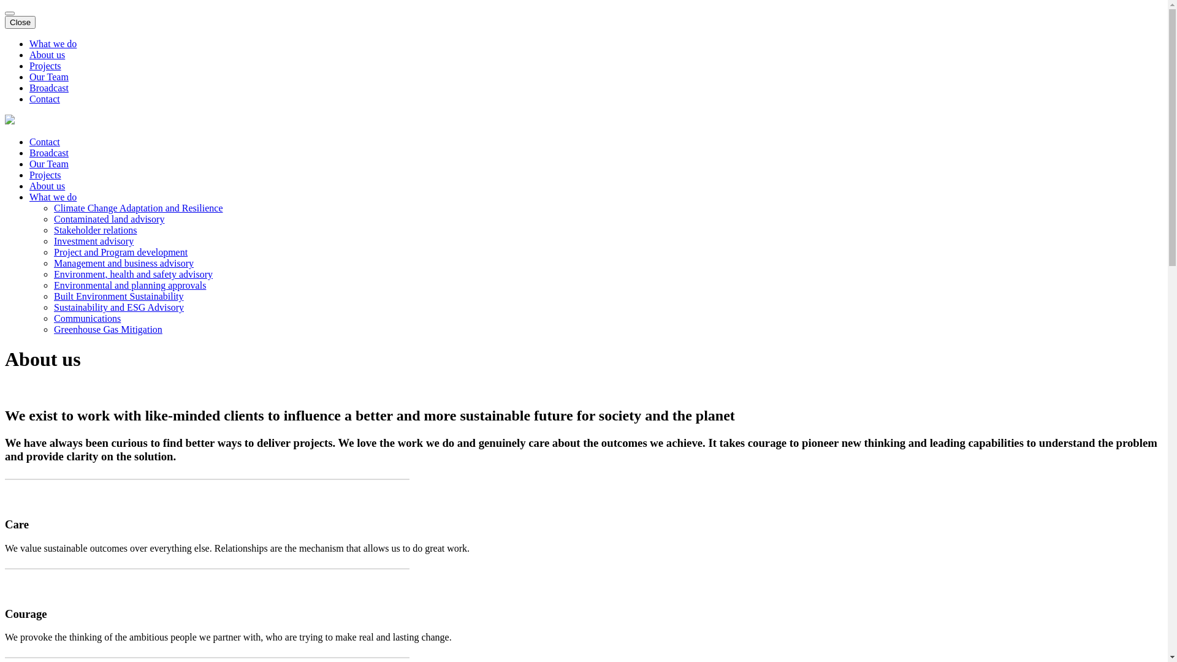 The image size is (1177, 662). Describe the element at coordinates (133, 273) in the screenshot. I see `'Environment, health and safety advisory'` at that location.